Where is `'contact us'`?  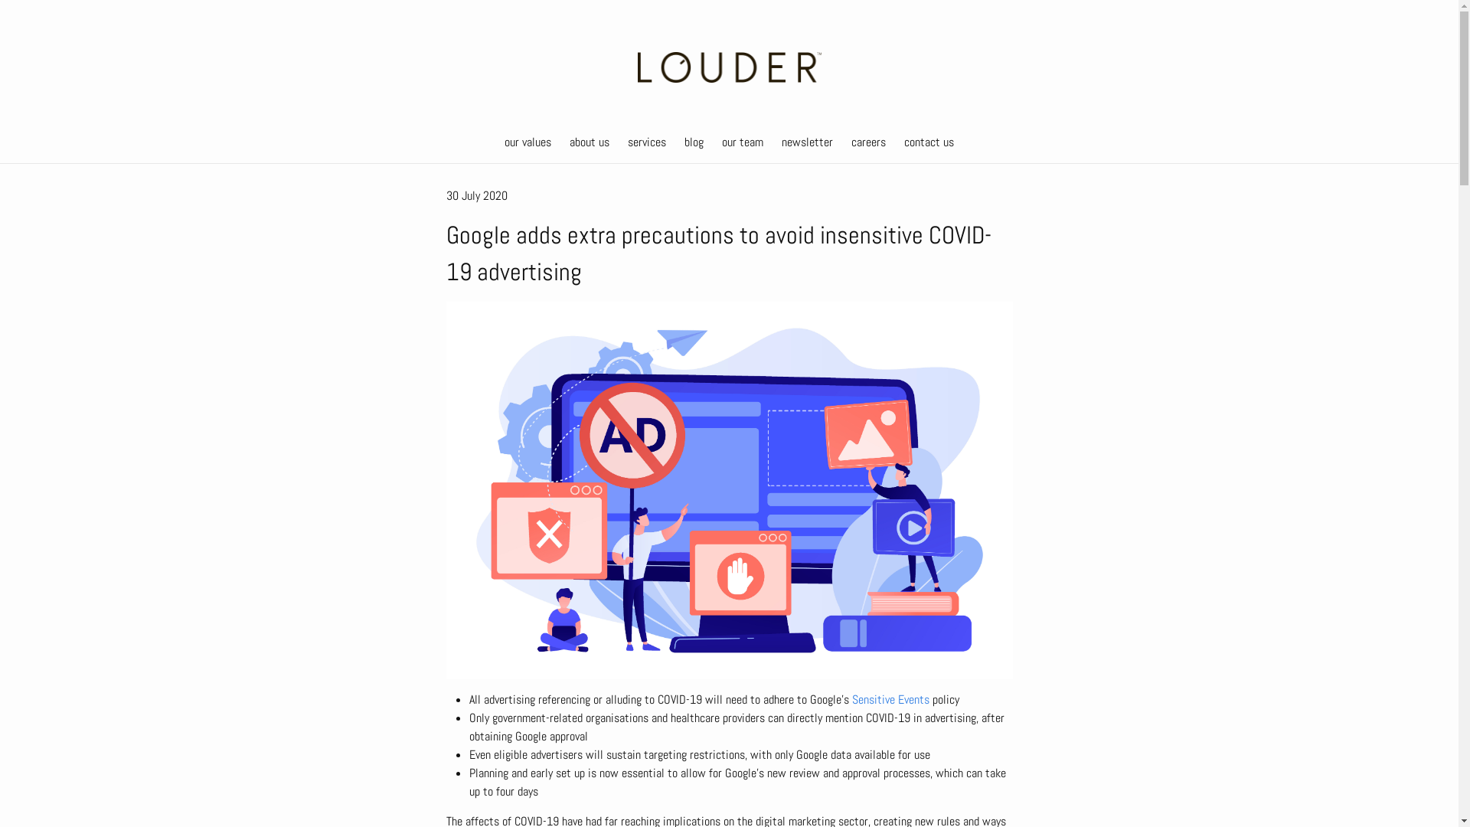 'contact us' is located at coordinates (928, 142).